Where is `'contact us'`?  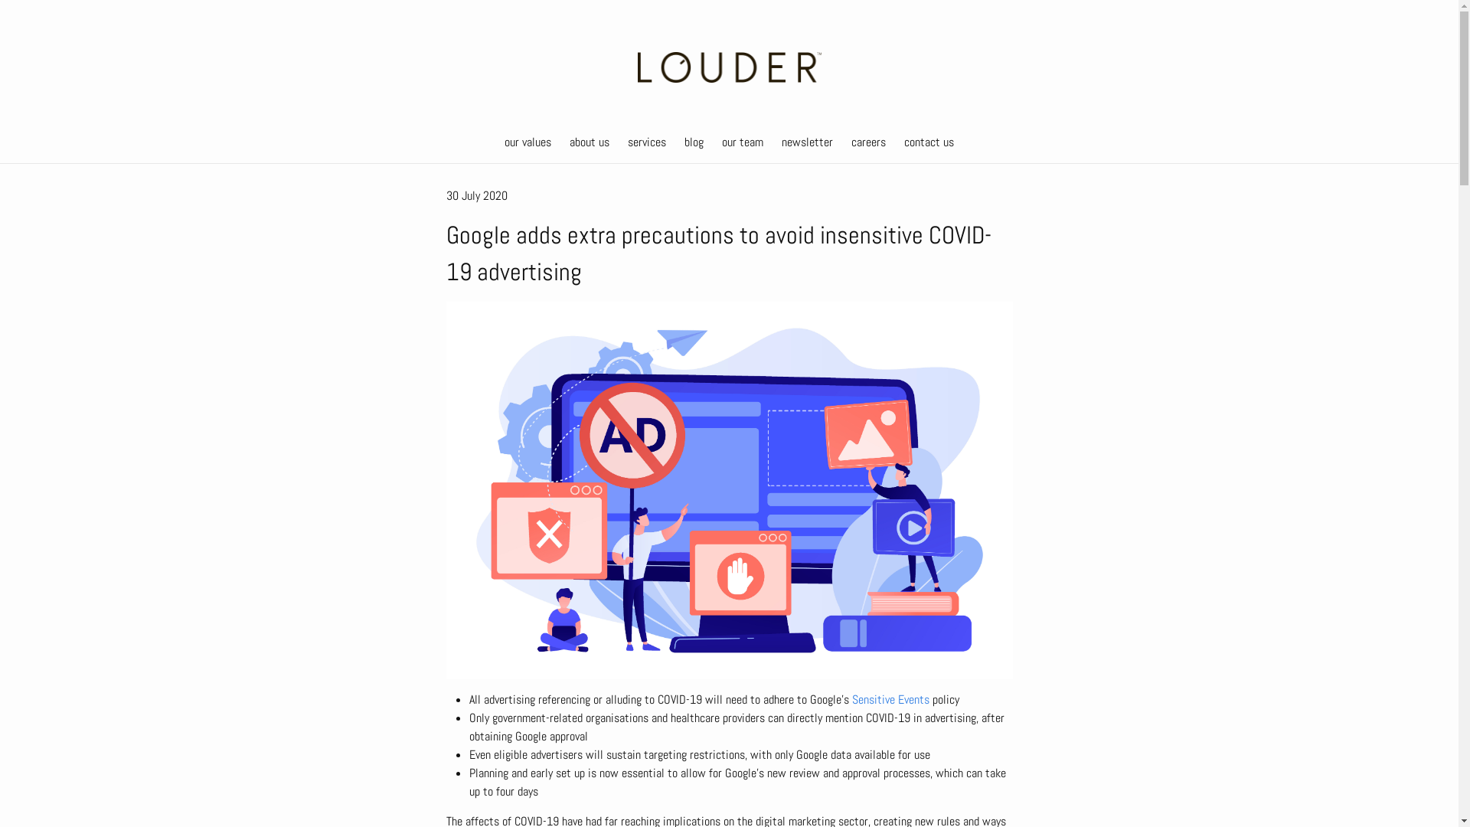 'contact us' is located at coordinates (928, 142).